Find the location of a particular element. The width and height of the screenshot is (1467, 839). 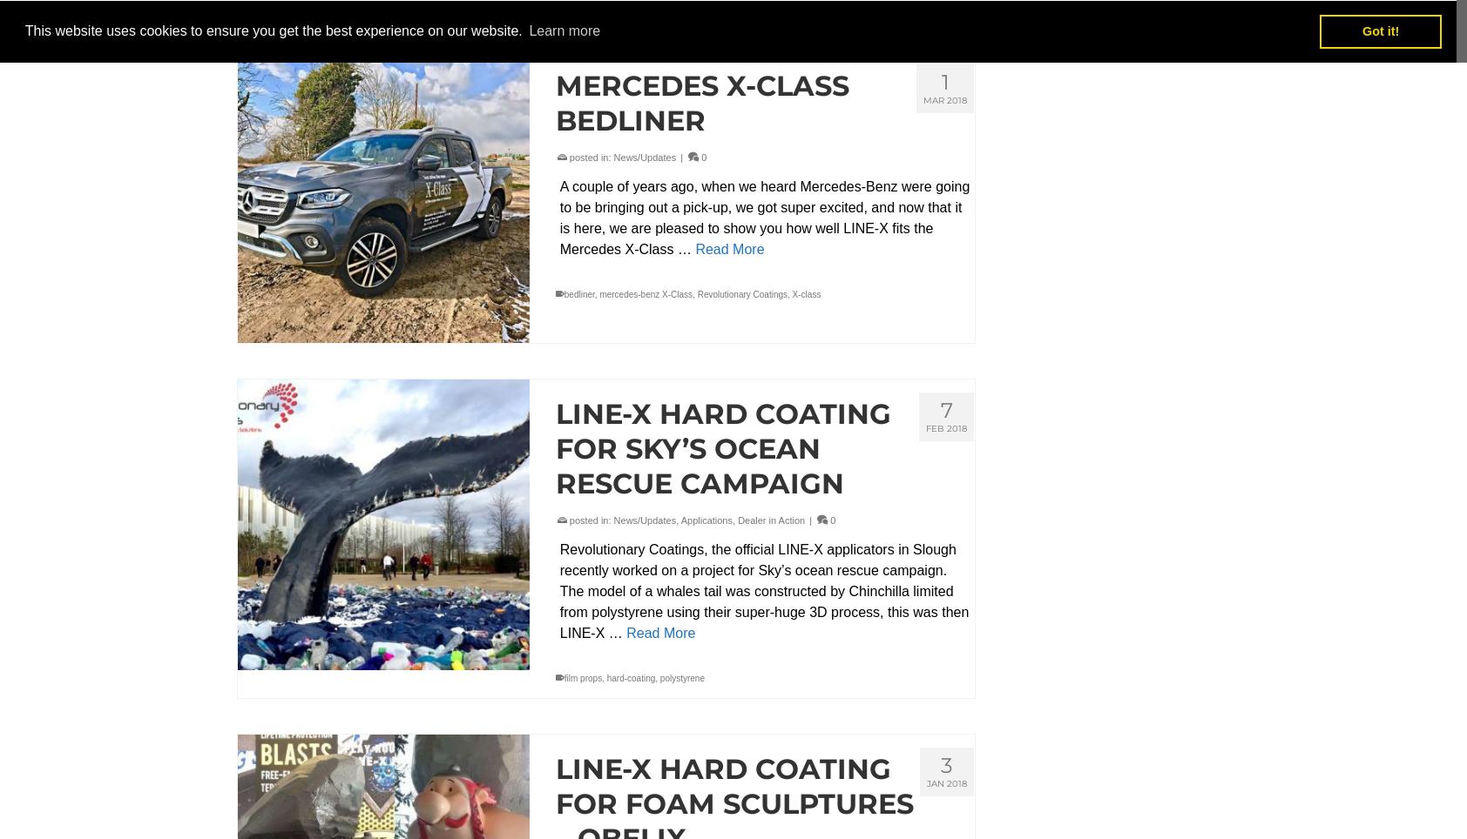

'Mar 2018' is located at coordinates (945, 98).